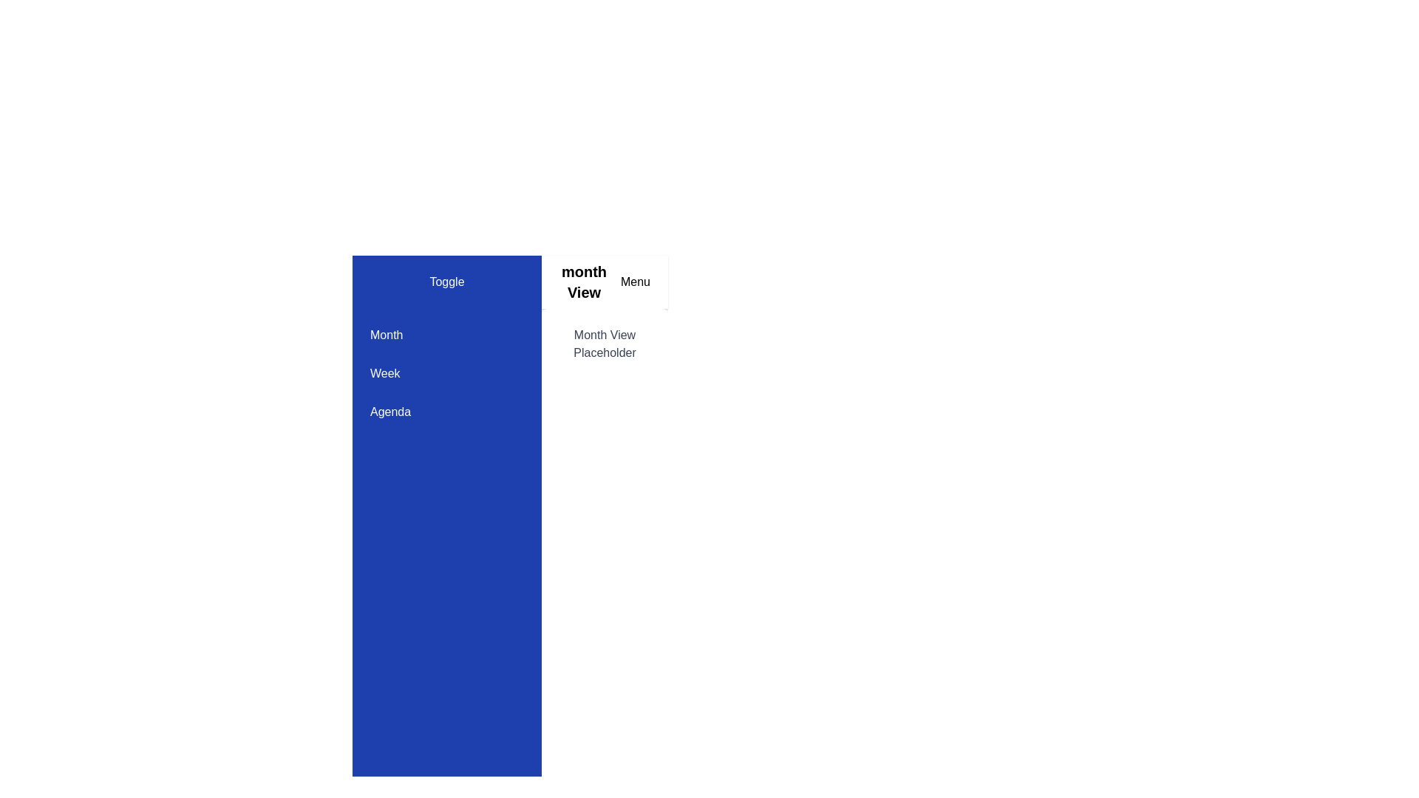  I want to click on the static text field indicating 'Month View', which is located to the left of the 'Menu' button in the top-right section of the interface, so click(583, 282).